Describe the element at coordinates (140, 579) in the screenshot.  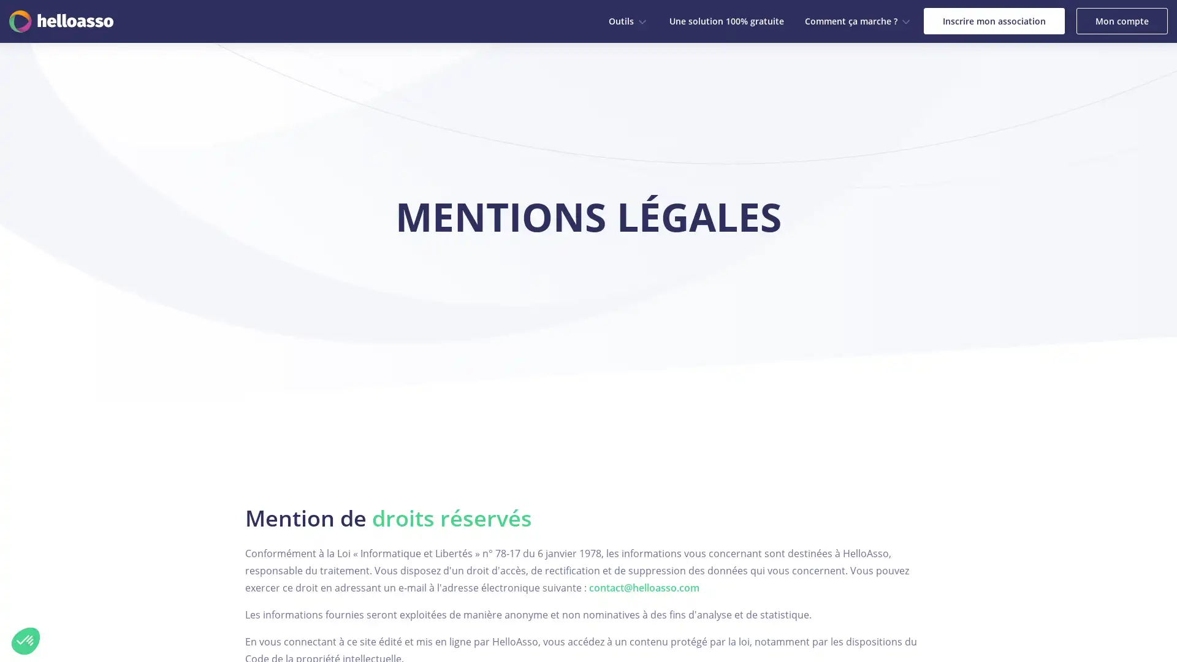
I see `Consentements certifies par` at that location.